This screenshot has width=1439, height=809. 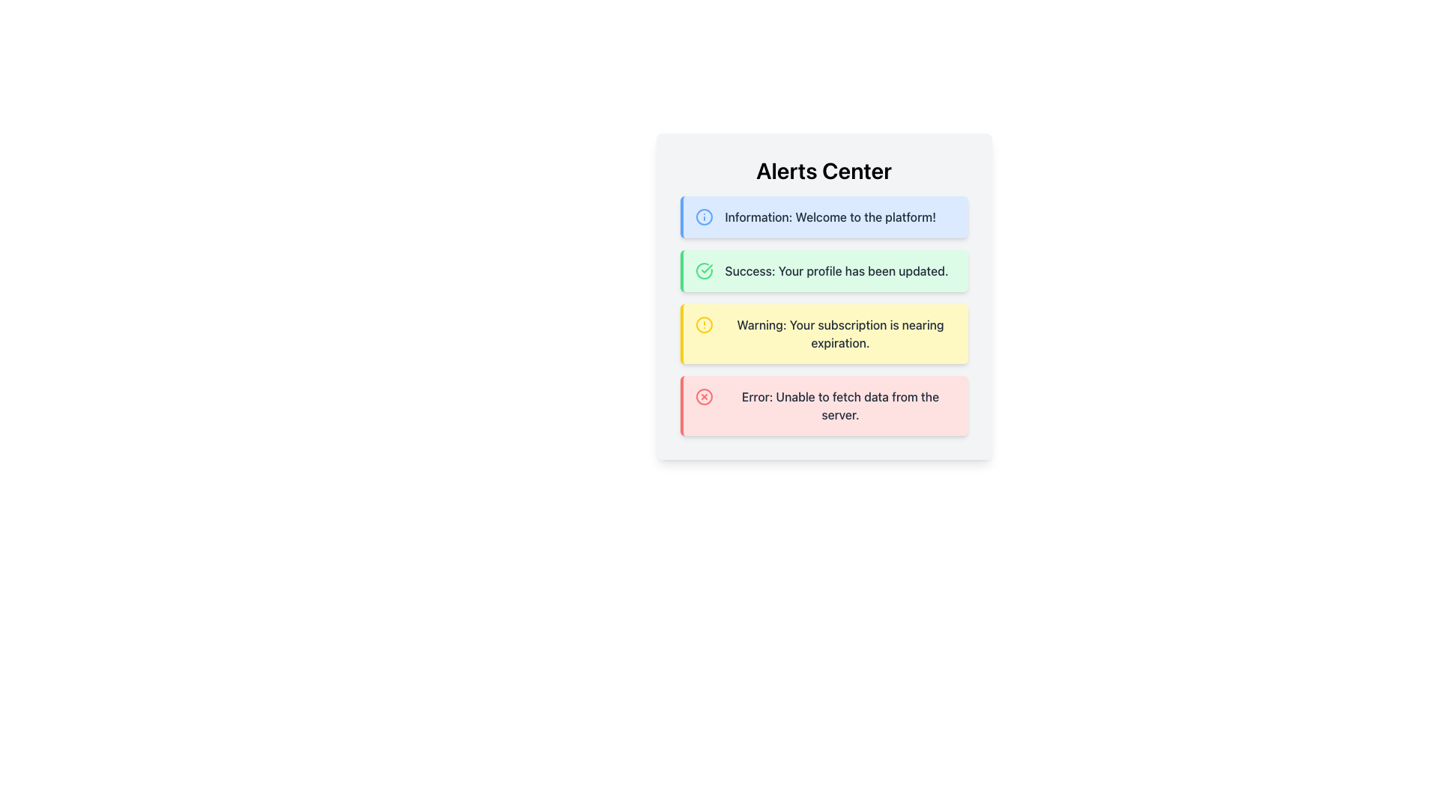 I want to click on the warning icon located at the left side of the alert box labeled 'Warning: Your subscription is nearing expiration.', so click(x=709, y=324).